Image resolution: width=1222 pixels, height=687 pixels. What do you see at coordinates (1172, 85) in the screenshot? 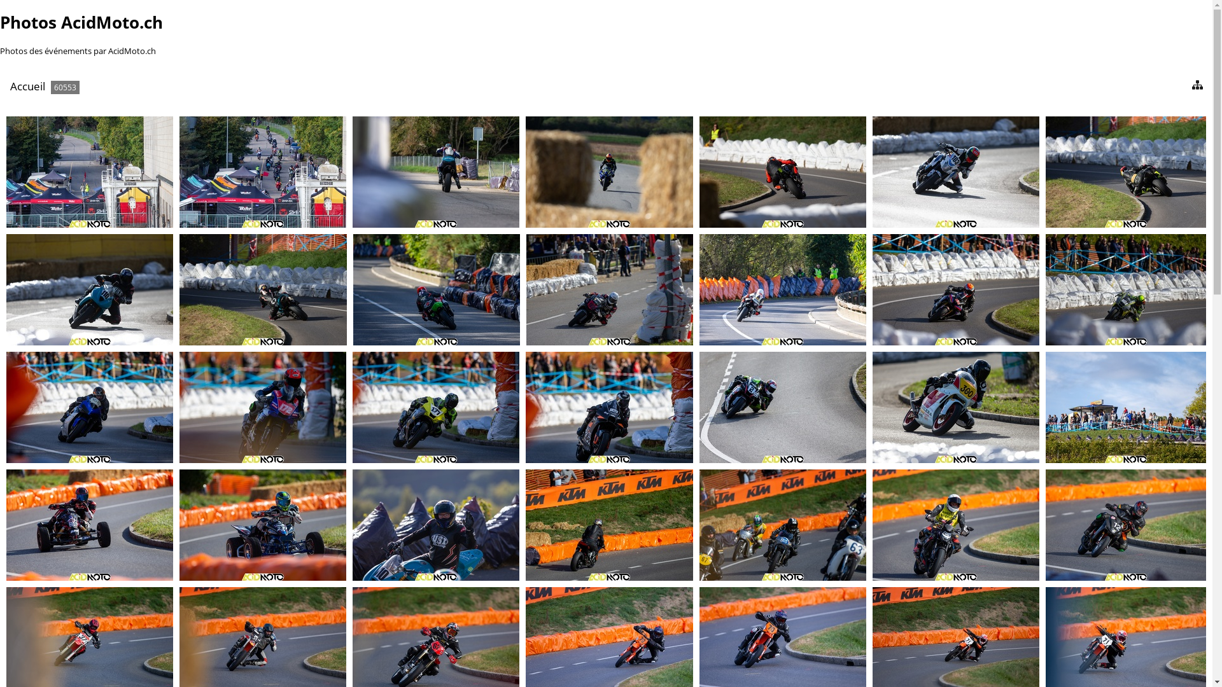
I see `'diaporama'` at bounding box center [1172, 85].